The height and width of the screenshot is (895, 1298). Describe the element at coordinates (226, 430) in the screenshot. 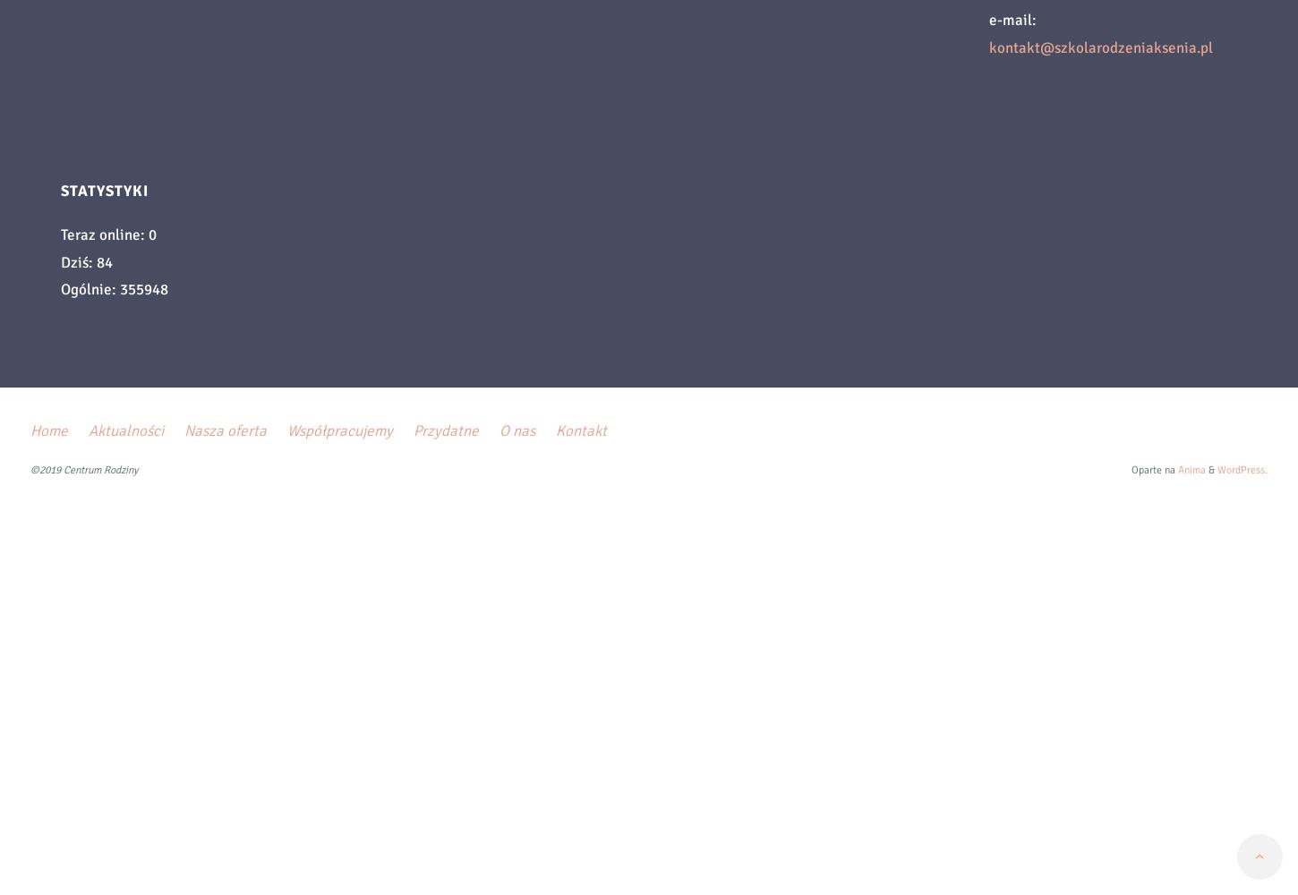

I see `'Nasza oferta'` at that location.